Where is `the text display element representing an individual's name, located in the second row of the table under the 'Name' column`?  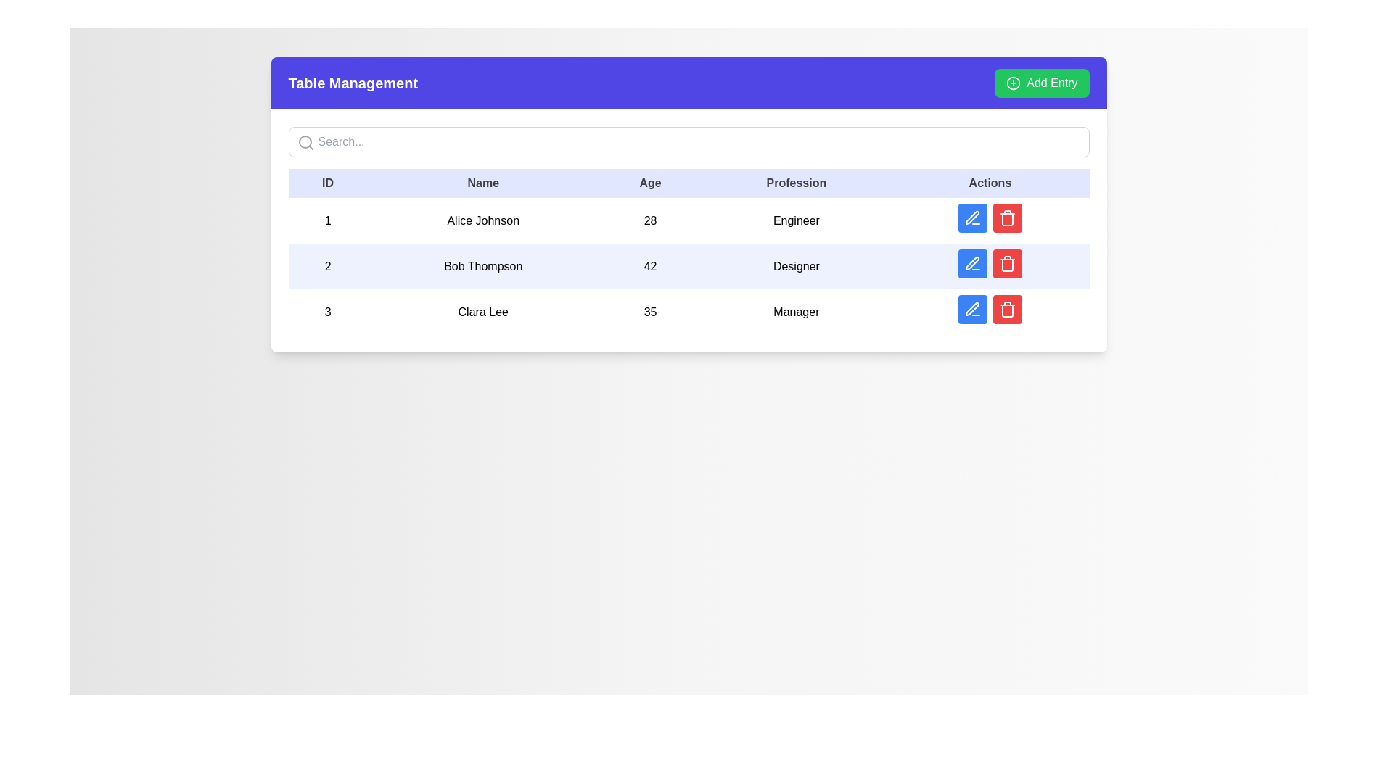
the text display element representing an individual's name, located in the second row of the table under the 'Name' column is located at coordinates (483, 266).